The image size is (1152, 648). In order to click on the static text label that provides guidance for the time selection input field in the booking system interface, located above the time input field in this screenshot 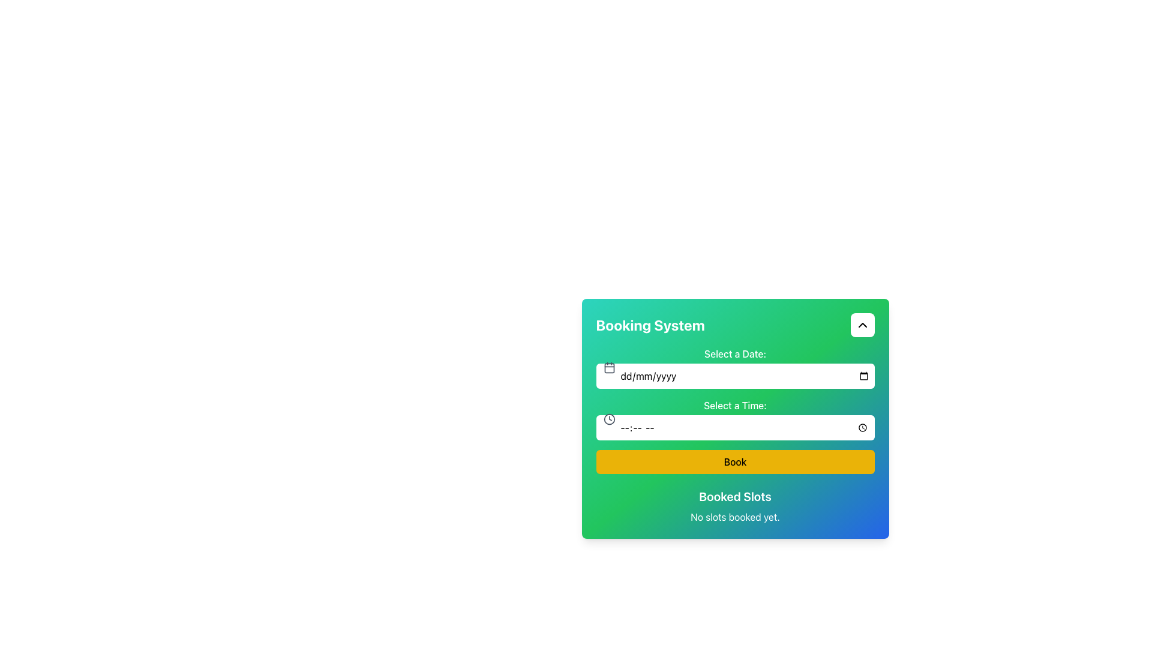, I will do `click(734, 405)`.